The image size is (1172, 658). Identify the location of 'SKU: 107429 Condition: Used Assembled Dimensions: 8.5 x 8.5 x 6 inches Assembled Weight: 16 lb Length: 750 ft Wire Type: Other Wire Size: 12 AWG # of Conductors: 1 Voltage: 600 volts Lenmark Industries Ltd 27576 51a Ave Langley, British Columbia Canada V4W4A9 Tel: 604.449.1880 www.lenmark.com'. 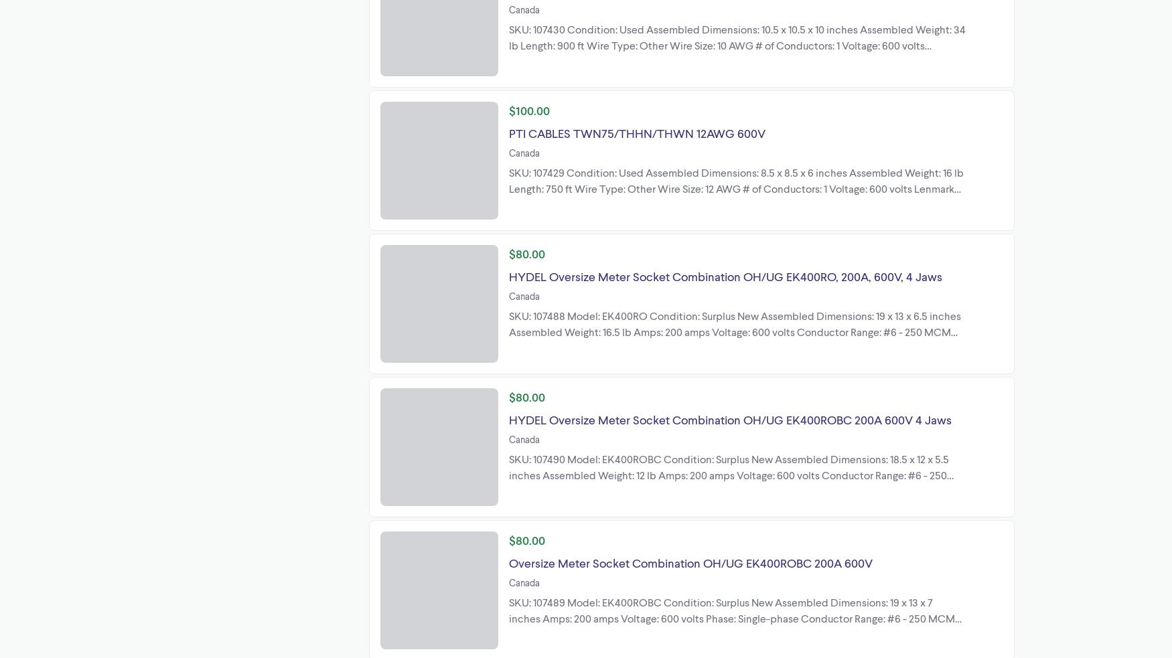
(736, 195).